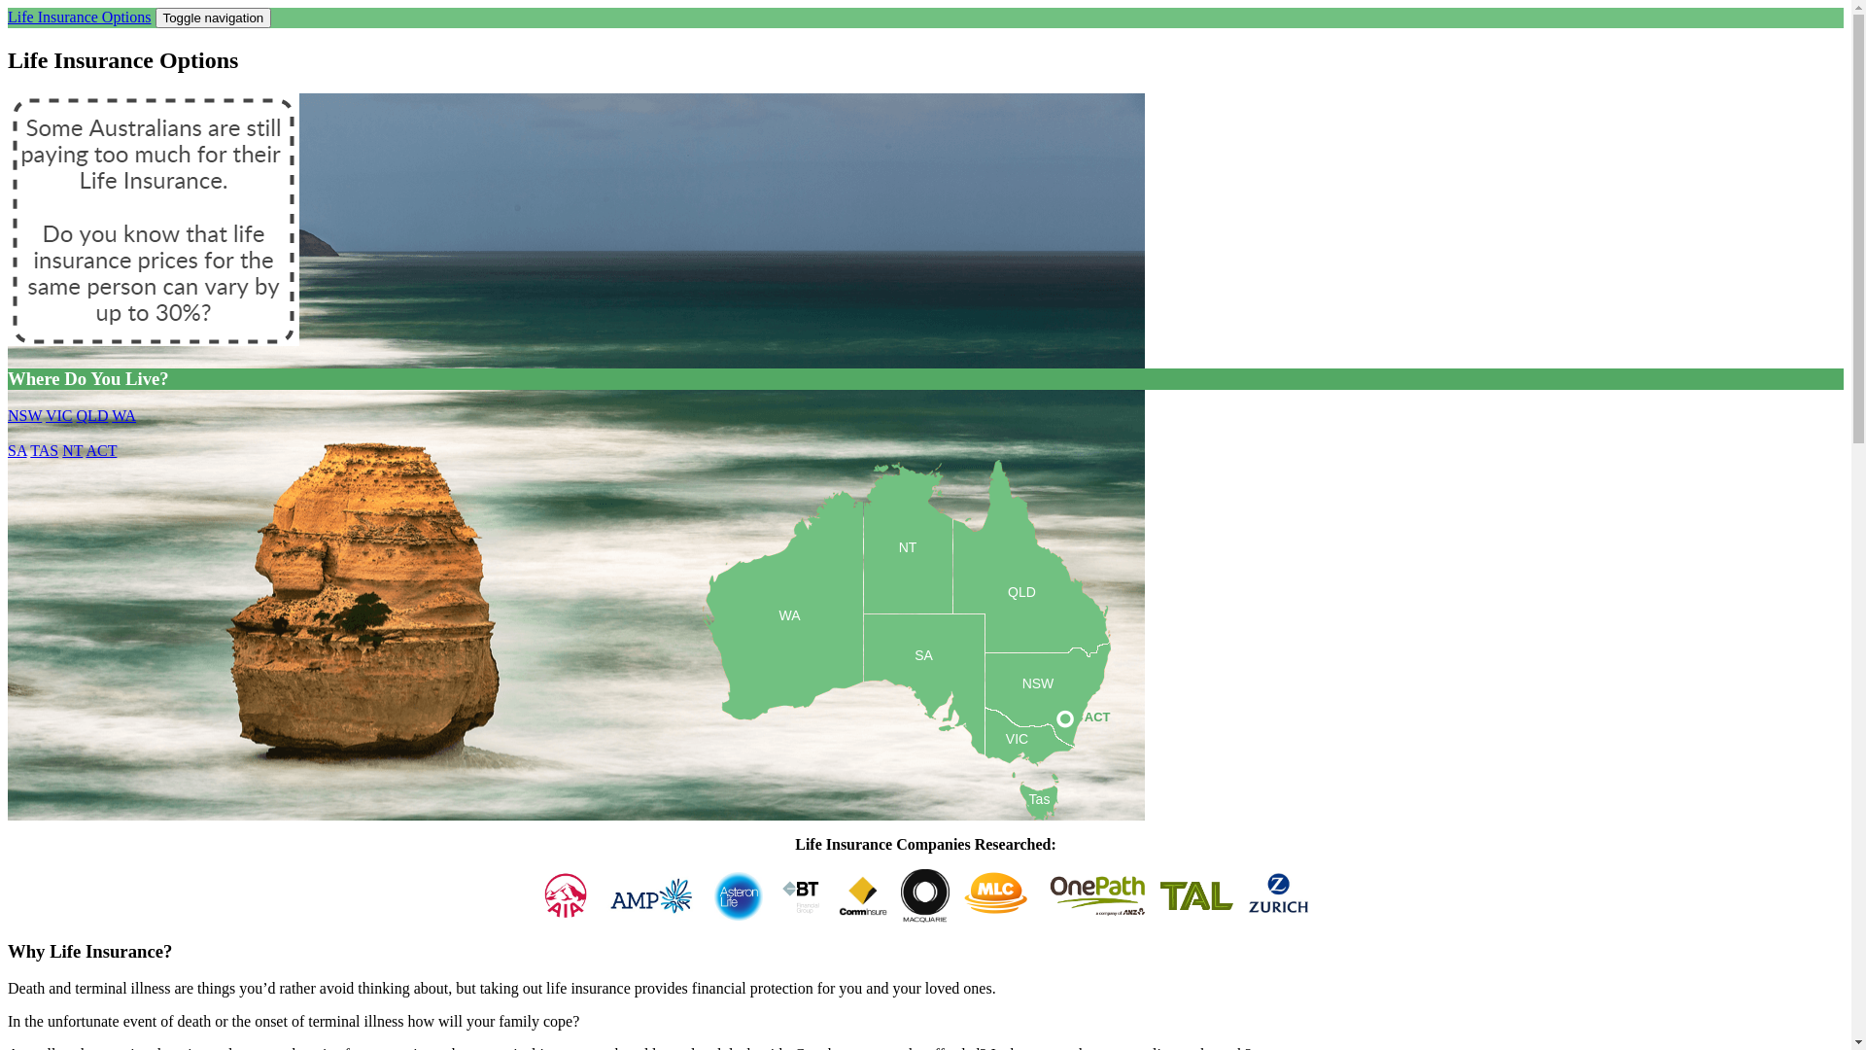 The height and width of the screenshot is (1050, 1866). What do you see at coordinates (122, 414) in the screenshot?
I see `'WA'` at bounding box center [122, 414].